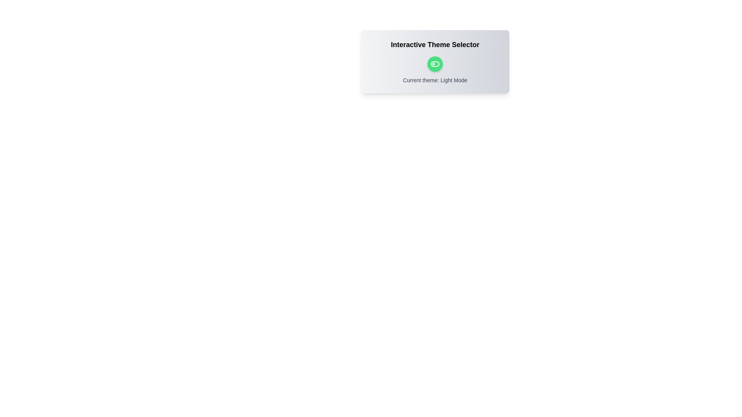 Image resolution: width=742 pixels, height=417 pixels. What do you see at coordinates (435, 63) in the screenshot?
I see `the toggle button for theme selection located below the heading 'Interactive Theme Selector'` at bounding box center [435, 63].